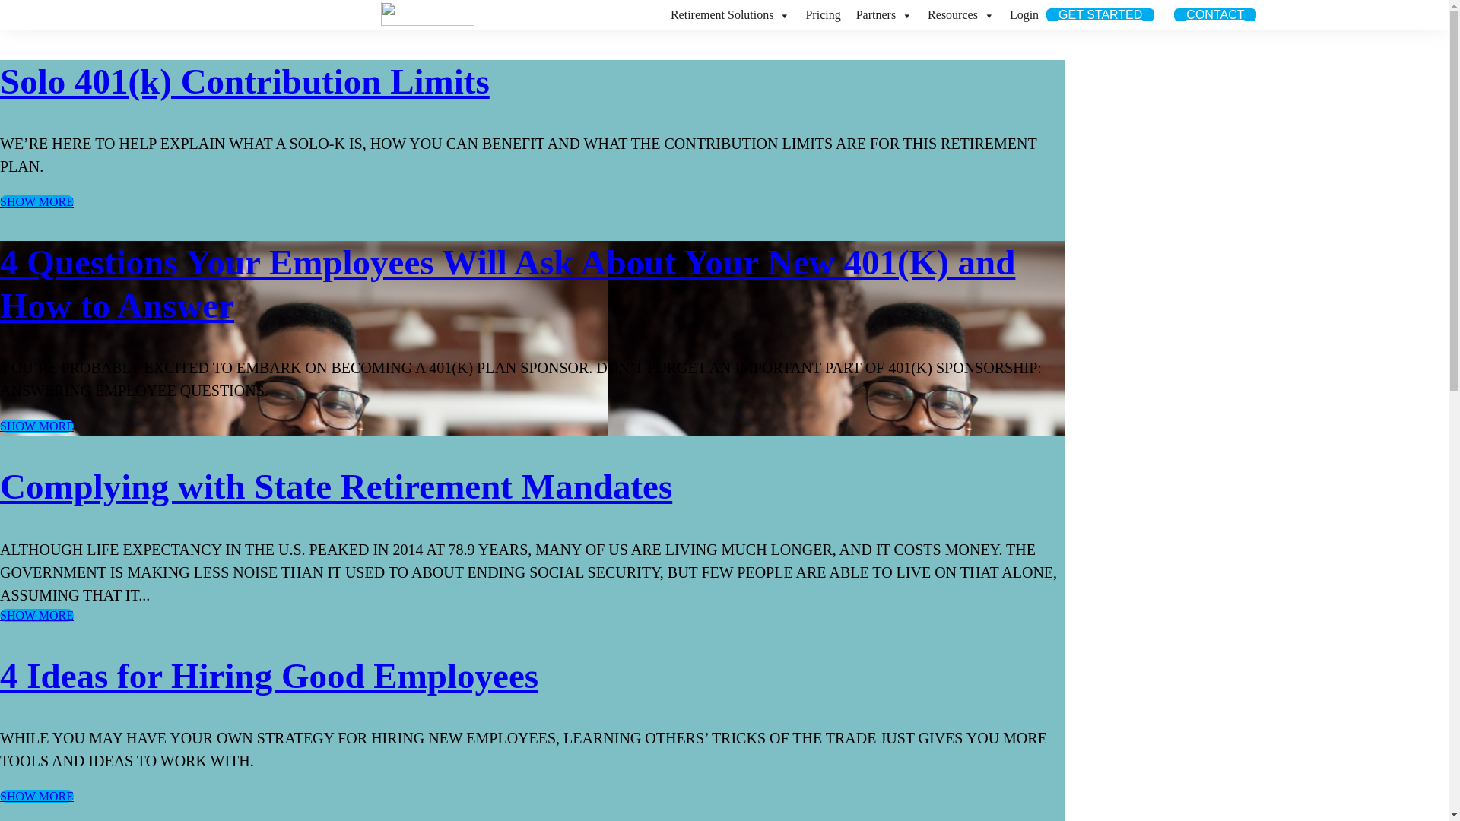 This screenshot has height=821, width=1460. Describe the element at coordinates (1002, 14) in the screenshot. I see `'Login'` at that location.